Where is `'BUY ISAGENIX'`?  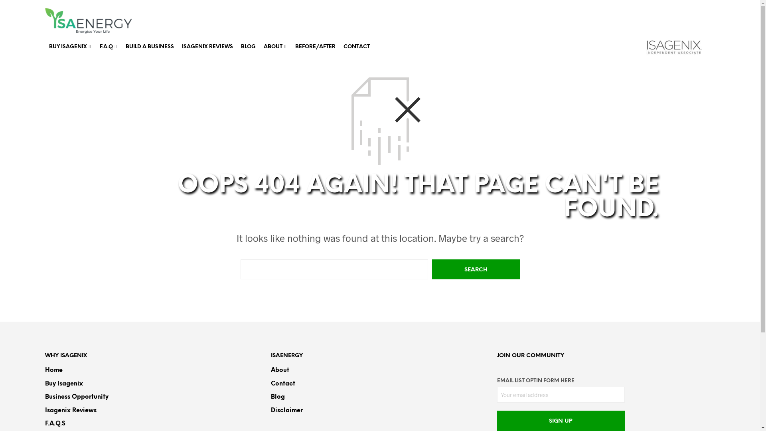 'BUY ISAGENIX' is located at coordinates (67, 47).